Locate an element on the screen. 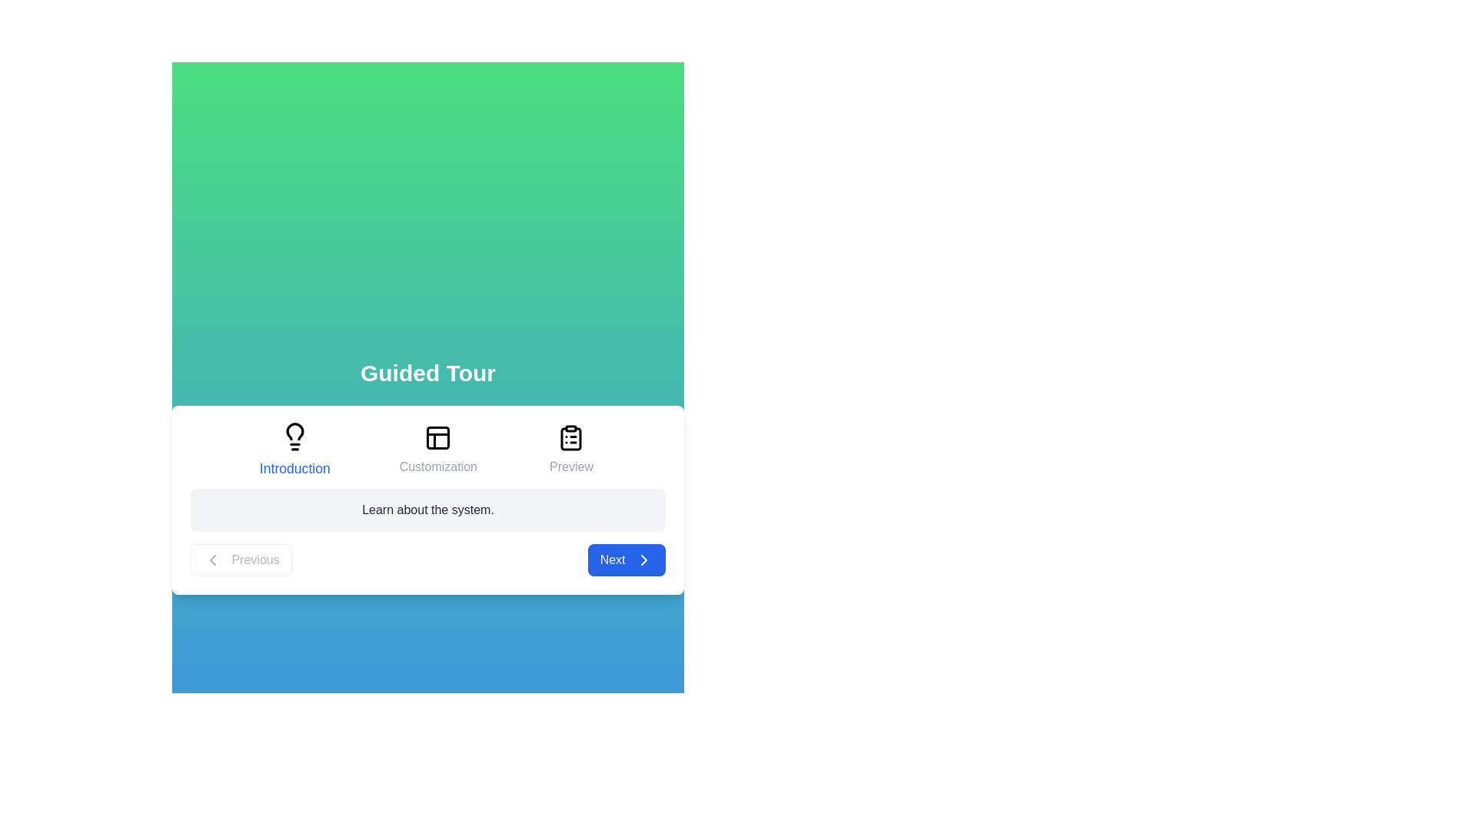  the title or icon of the step Introduction to navigate to it is located at coordinates (294, 450).